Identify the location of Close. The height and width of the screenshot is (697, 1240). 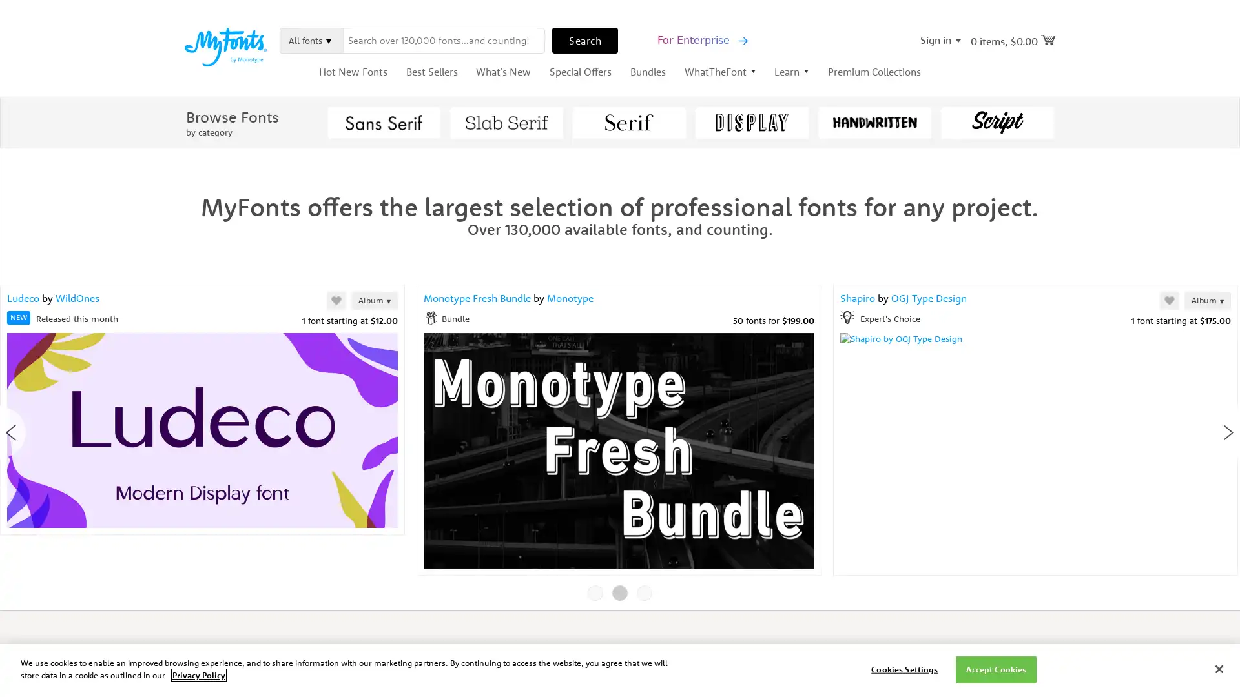
(1218, 668).